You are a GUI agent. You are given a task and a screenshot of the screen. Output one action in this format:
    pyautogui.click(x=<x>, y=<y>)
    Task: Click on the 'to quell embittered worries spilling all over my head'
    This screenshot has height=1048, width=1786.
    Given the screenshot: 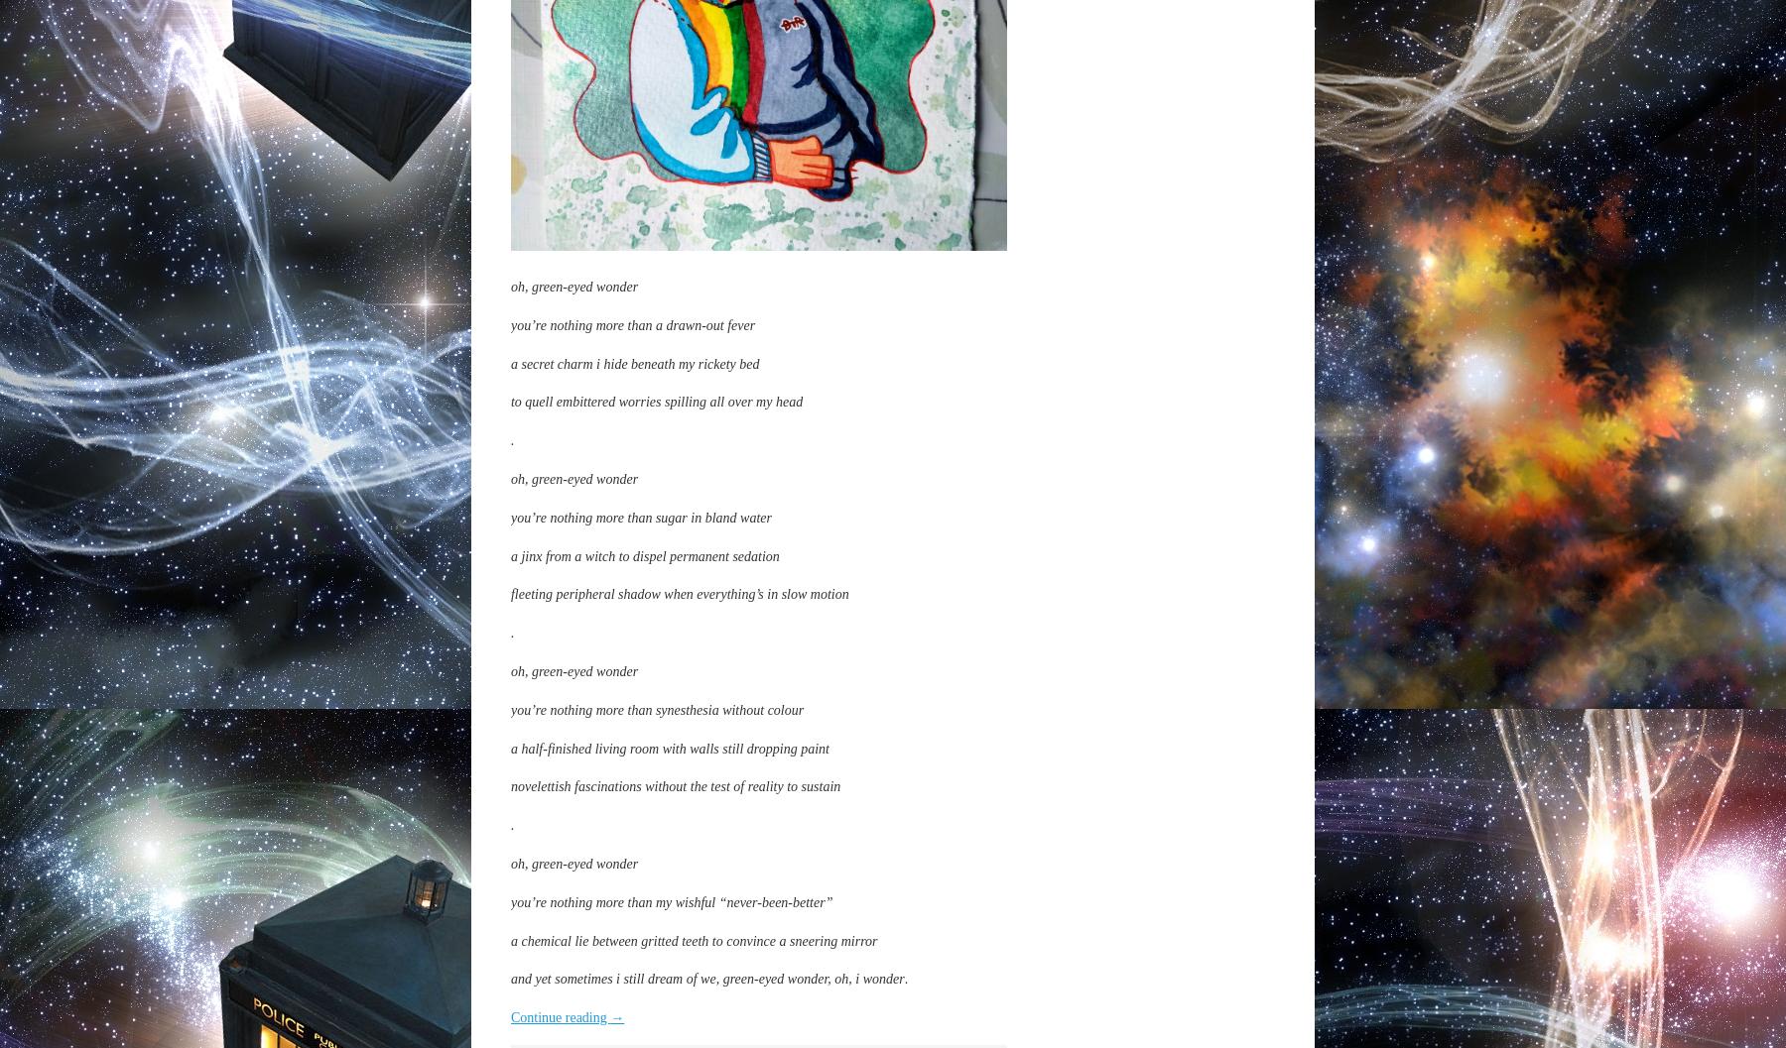 What is the action you would take?
    pyautogui.click(x=656, y=401)
    